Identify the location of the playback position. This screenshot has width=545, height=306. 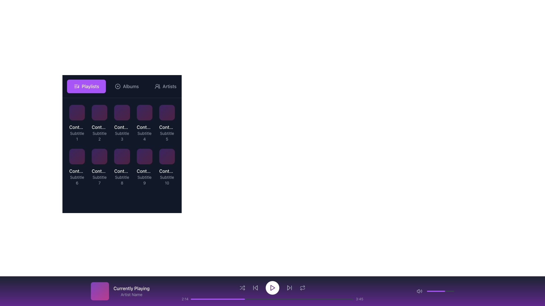
(226, 299).